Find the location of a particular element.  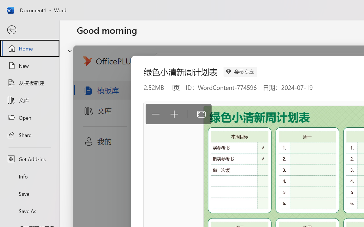

'Get Add-ins' is located at coordinates (29, 159).